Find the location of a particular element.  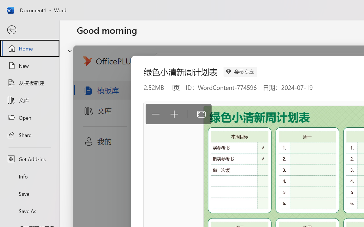

'Get Add-ins' is located at coordinates (29, 159).